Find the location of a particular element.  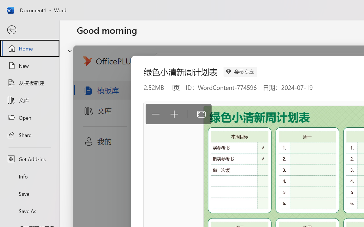

'Get Add-ins' is located at coordinates (29, 159).